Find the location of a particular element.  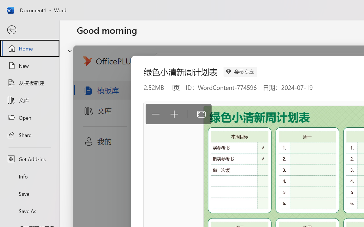

'Get Add-ins' is located at coordinates (29, 159).